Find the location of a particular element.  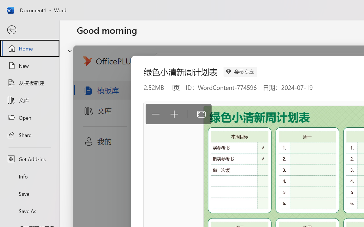

'Get Add-ins' is located at coordinates (29, 159).